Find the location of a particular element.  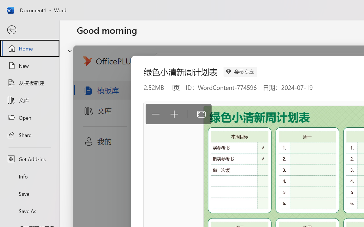

'Get Add-ins' is located at coordinates (29, 159).